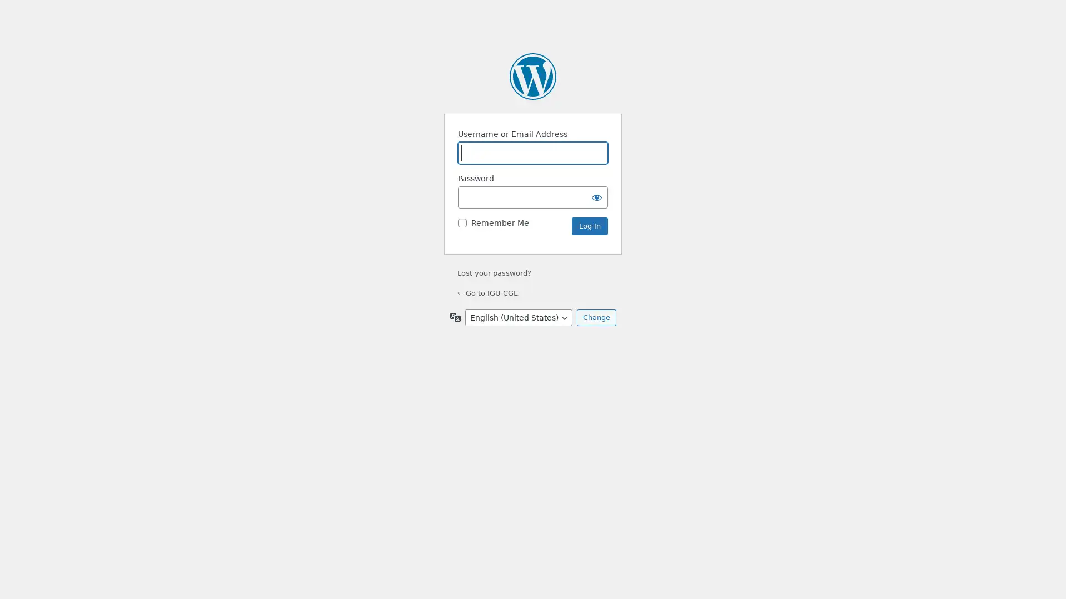 Image resolution: width=1066 pixels, height=599 pixels. What do you see at coordinates (589, 226) in the screenshot?
I see `Log In` at bounding box center [589, 226].